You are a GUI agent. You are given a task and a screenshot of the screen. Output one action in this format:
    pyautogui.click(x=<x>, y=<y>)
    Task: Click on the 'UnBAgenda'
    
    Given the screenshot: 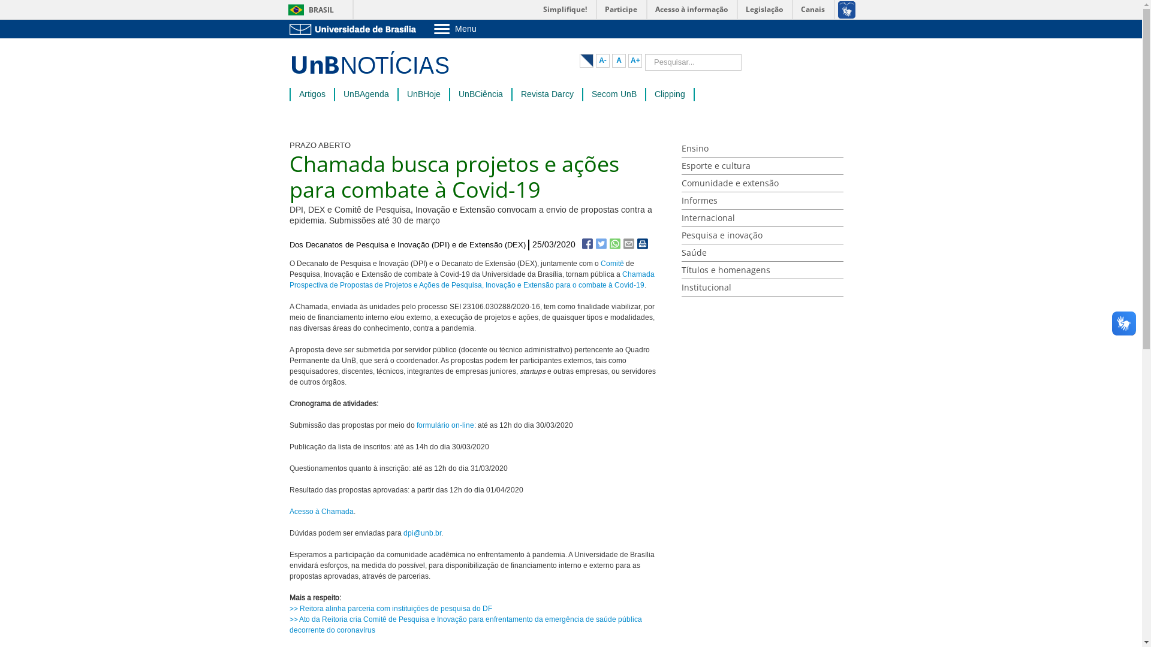 What is the action you would take?
    pyautogui.click(x=364, y=94)
    